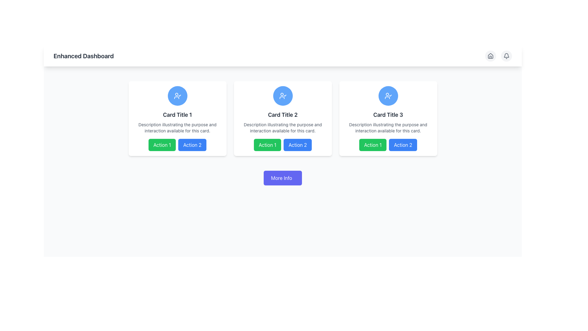 This screenshot has width=588, height=331. I want to click on the notification bell icon button located in the top-right corner of the interface, so click(507, 56).